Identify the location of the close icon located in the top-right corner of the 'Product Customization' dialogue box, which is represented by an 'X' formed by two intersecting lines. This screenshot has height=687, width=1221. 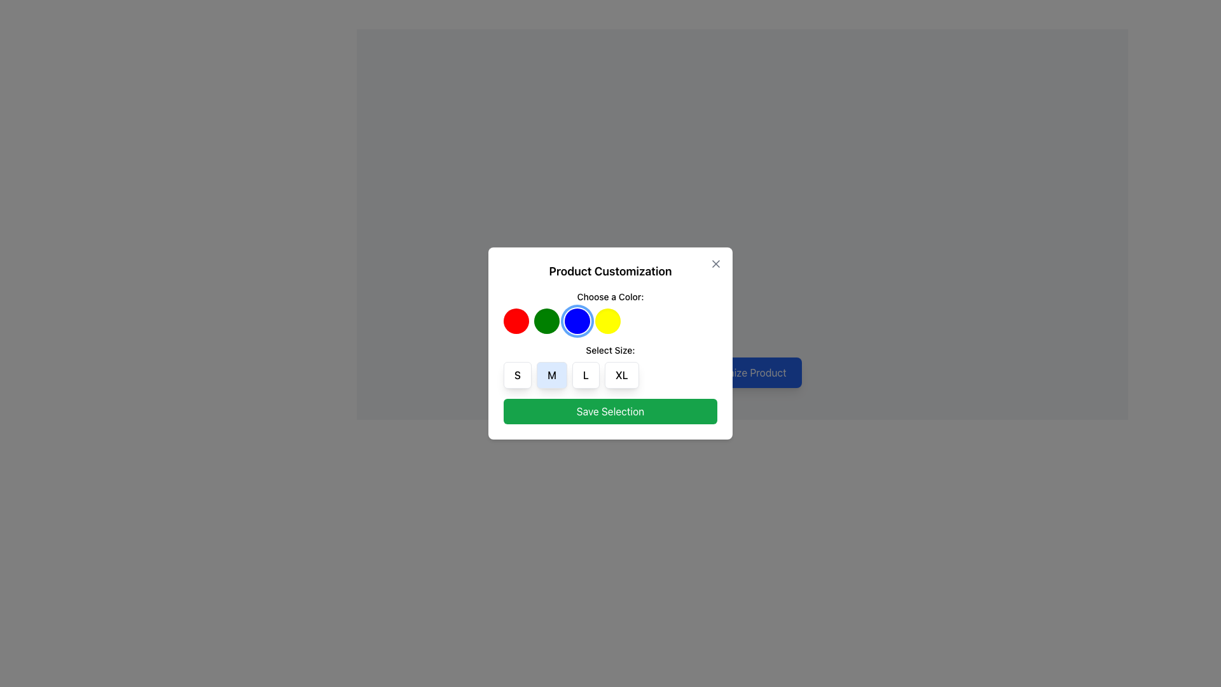
(716, 263).